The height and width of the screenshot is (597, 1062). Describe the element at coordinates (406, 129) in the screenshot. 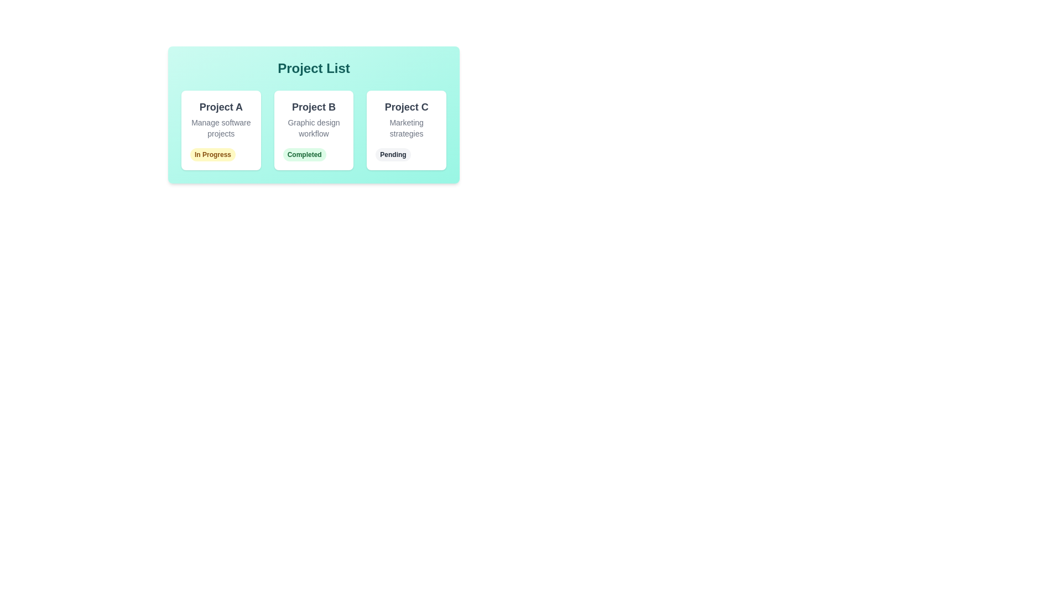

I see `the card representing Project C to view its details` at that location.